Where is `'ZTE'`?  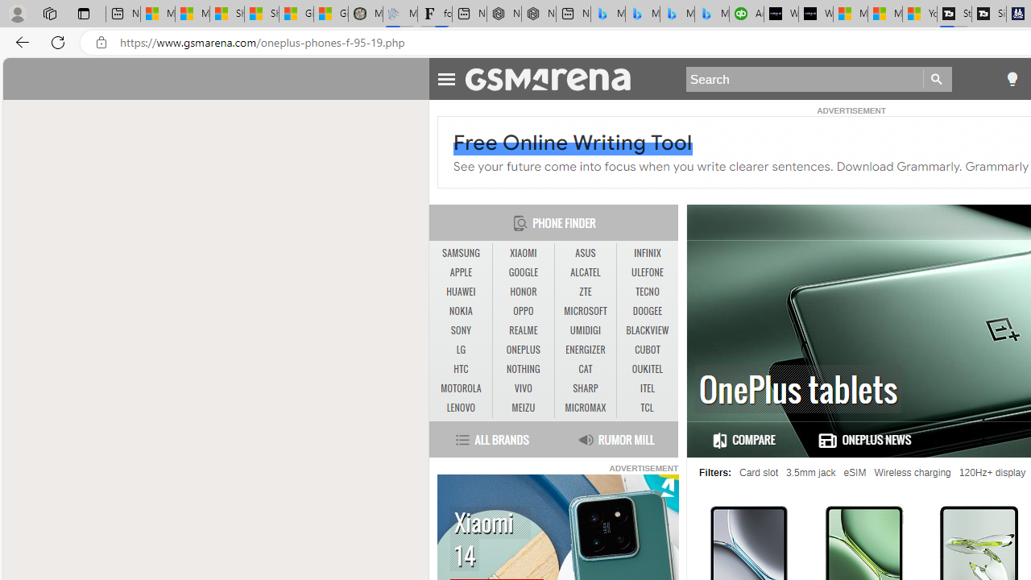 'ZTE' is located at coordinates (585, 292).